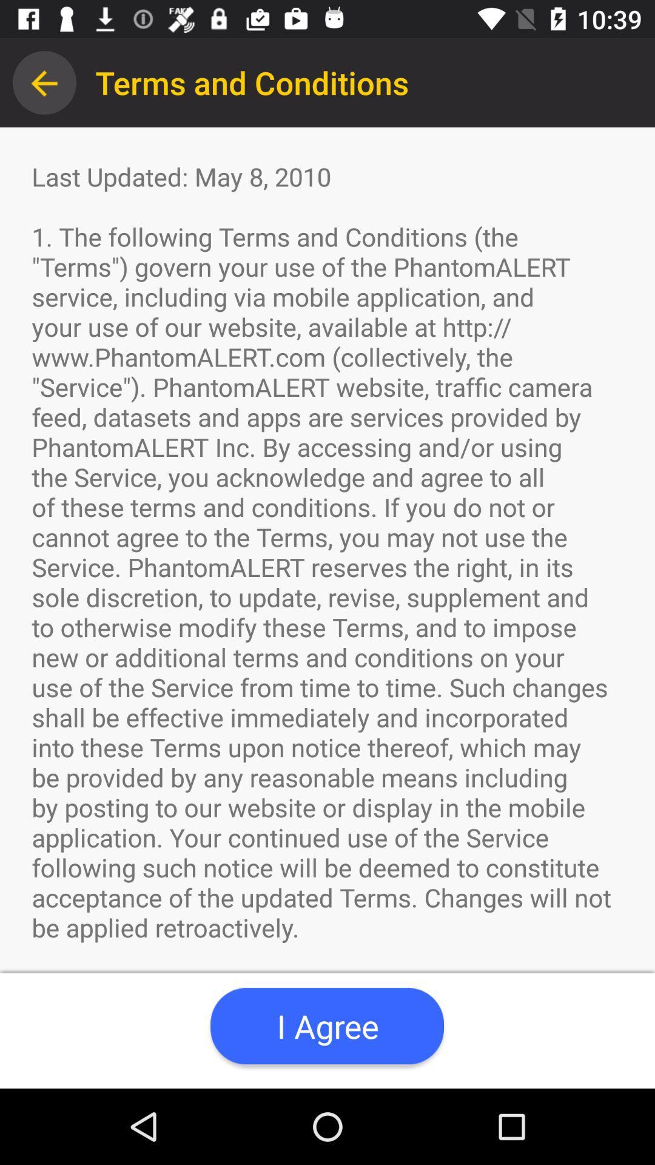 This screenshot has width=655, height=1165. What do you see at coordinates (44, 82) in the screenshot?
I see `icon above last updated may item` at bounding box center [44, 82].